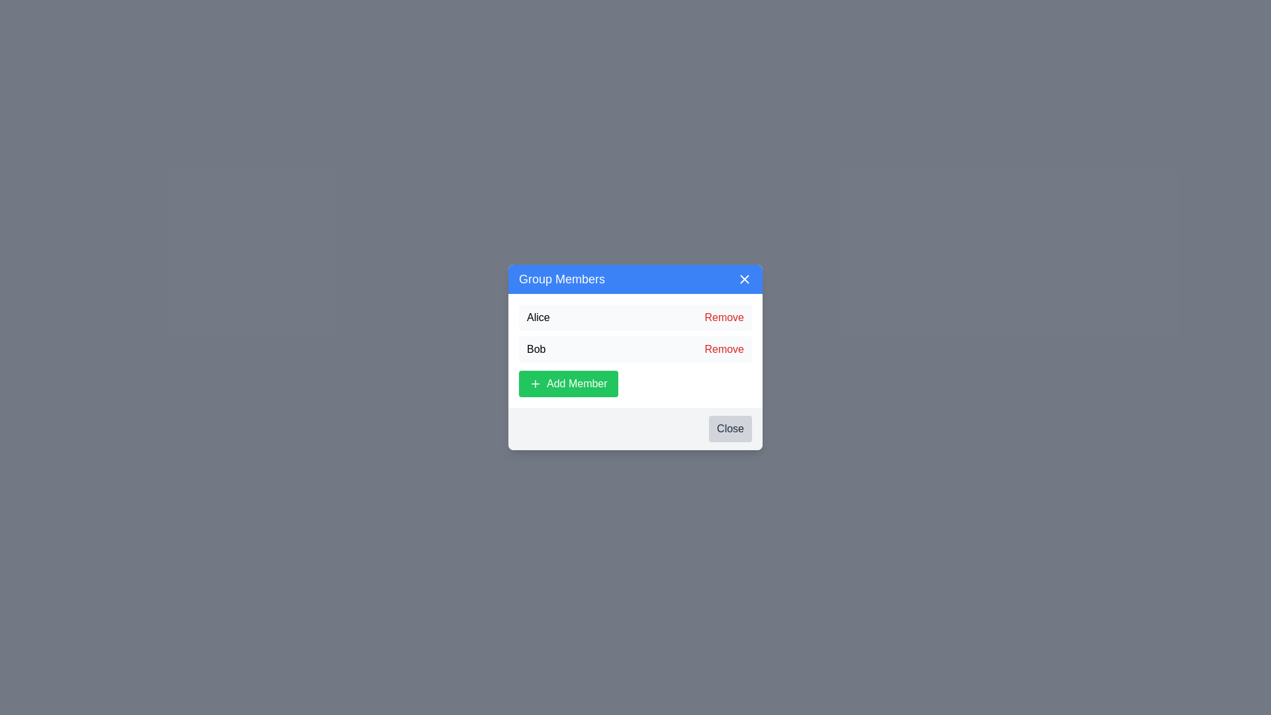 The width and height of the screenshot is (1271, 715). I want to click on the close button located in the bottom-right corner of the pop-up modal to receive interactive feedback, so click(730, 429).